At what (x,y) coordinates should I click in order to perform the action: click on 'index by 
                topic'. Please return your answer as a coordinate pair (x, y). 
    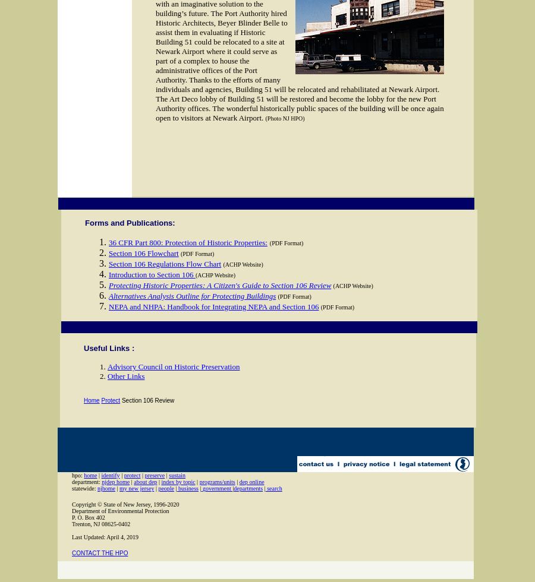
    Looking at the image, I should click on (177, 482).